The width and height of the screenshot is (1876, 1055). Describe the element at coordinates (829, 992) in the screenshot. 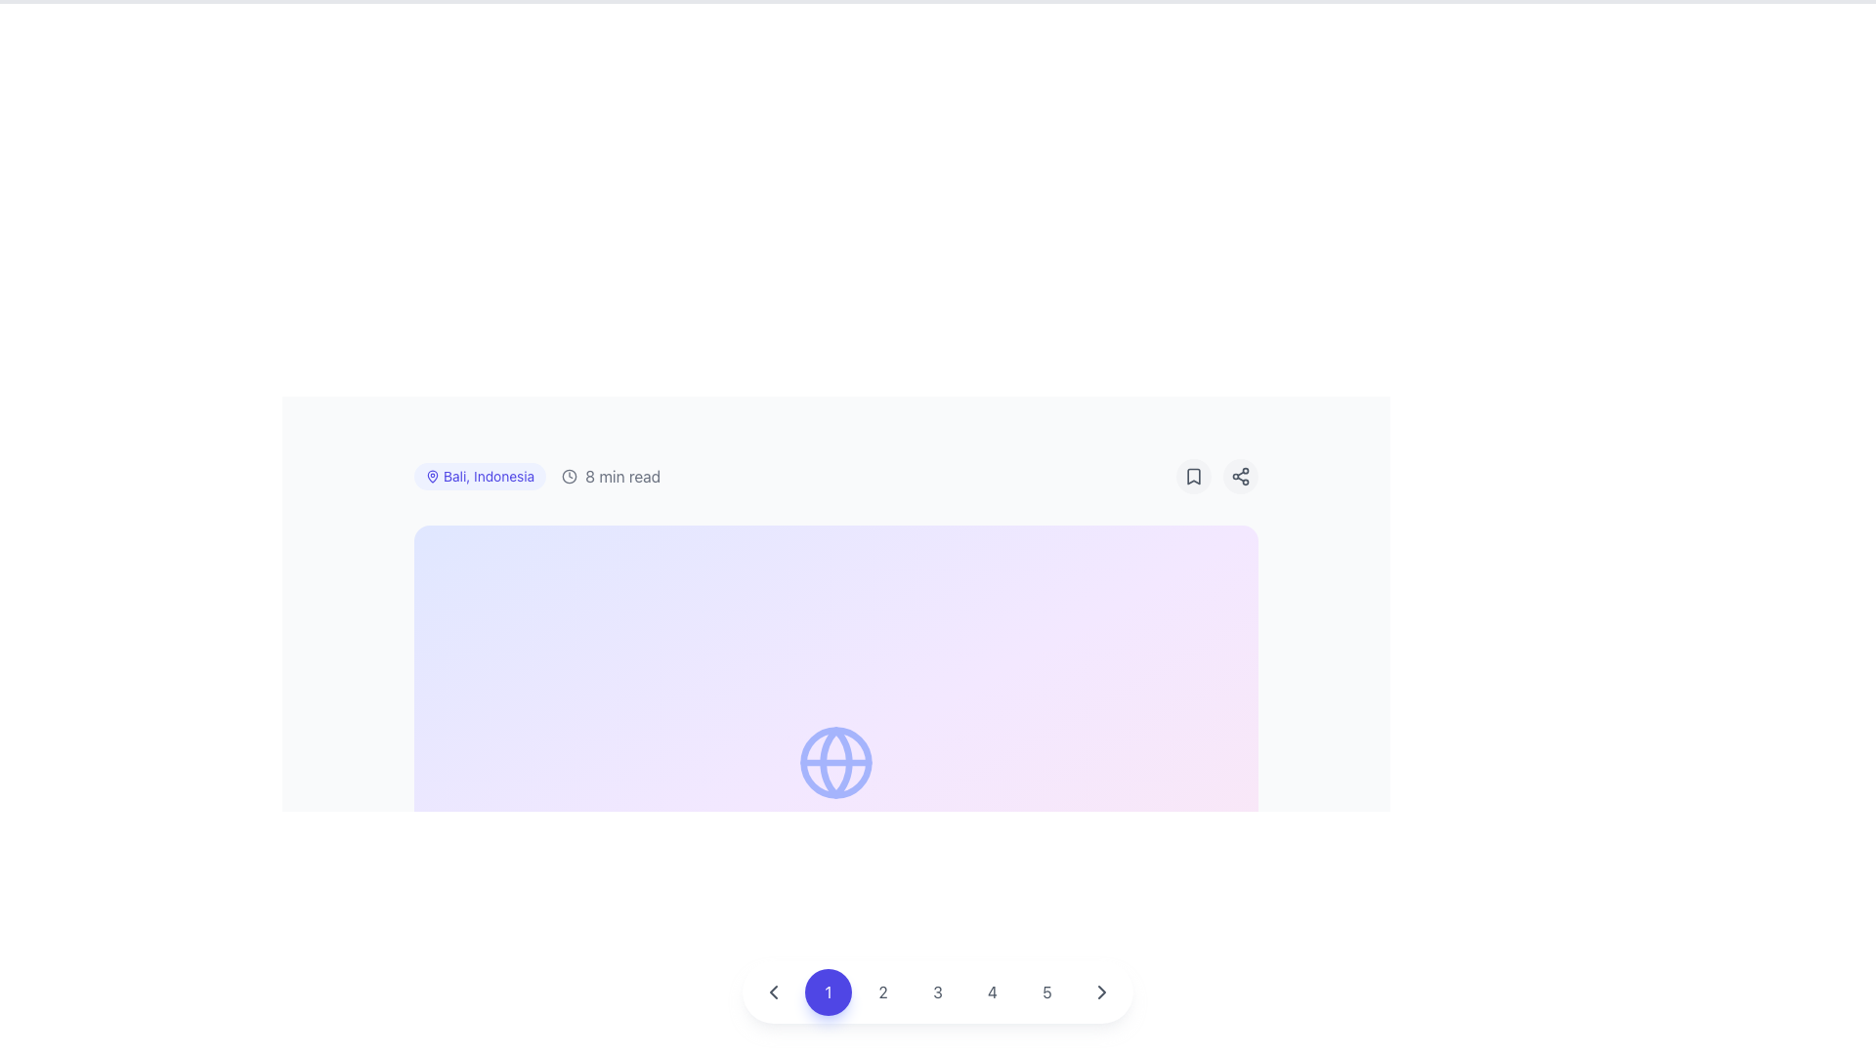

I see `the circular button labeled '1'` at that location.